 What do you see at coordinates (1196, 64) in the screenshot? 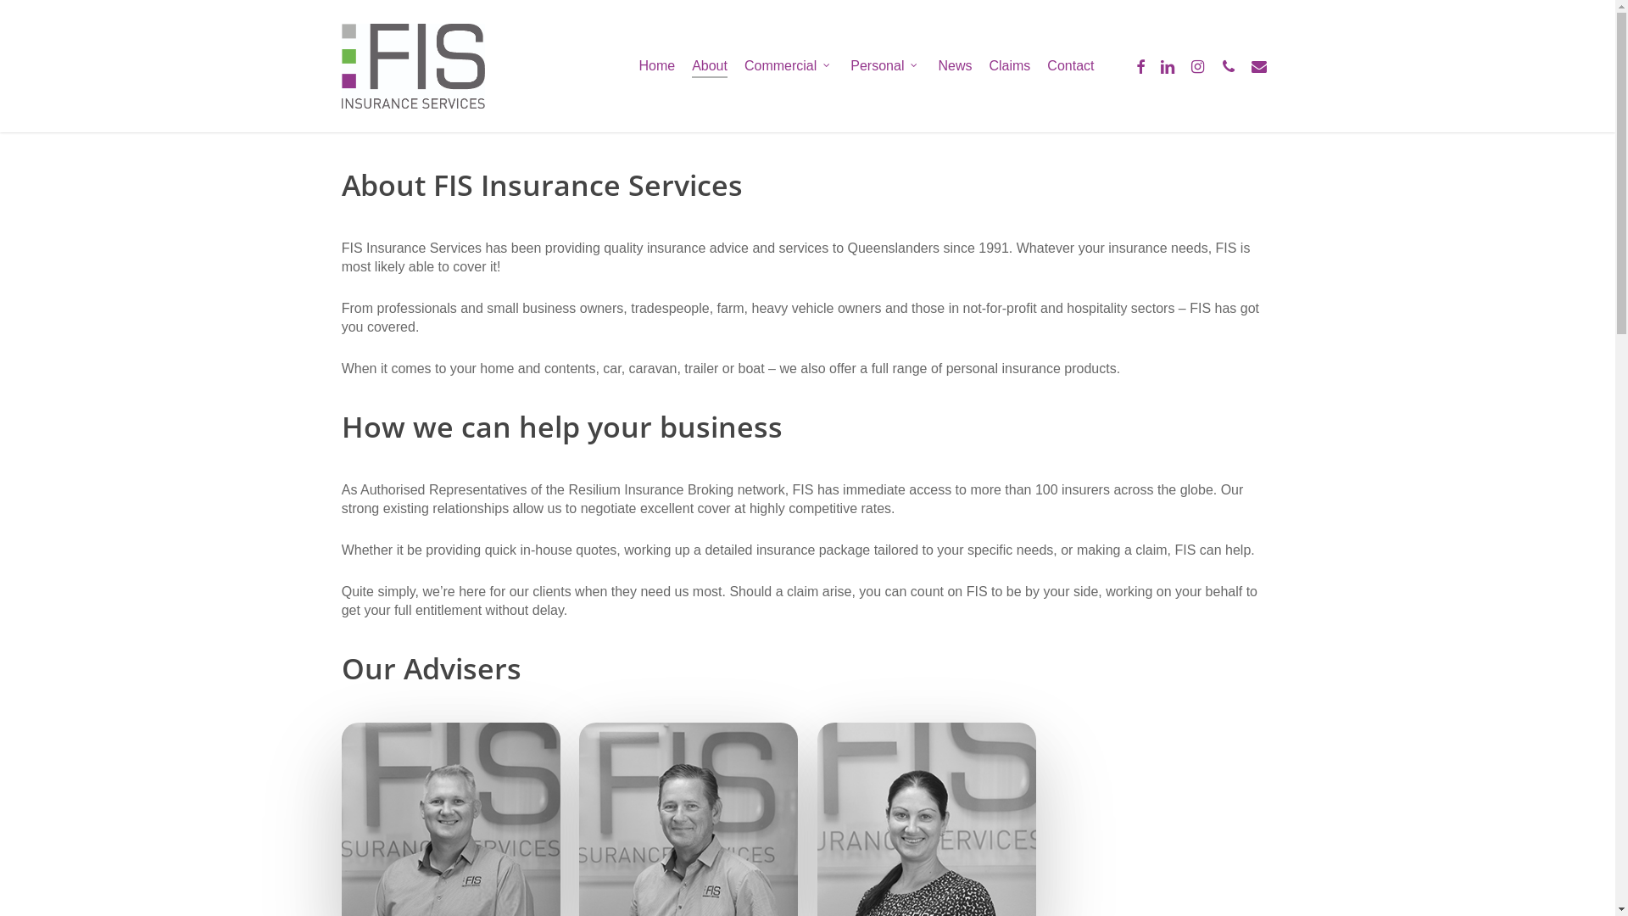
I see `'instagram'` at bounding box center [1196, 64].